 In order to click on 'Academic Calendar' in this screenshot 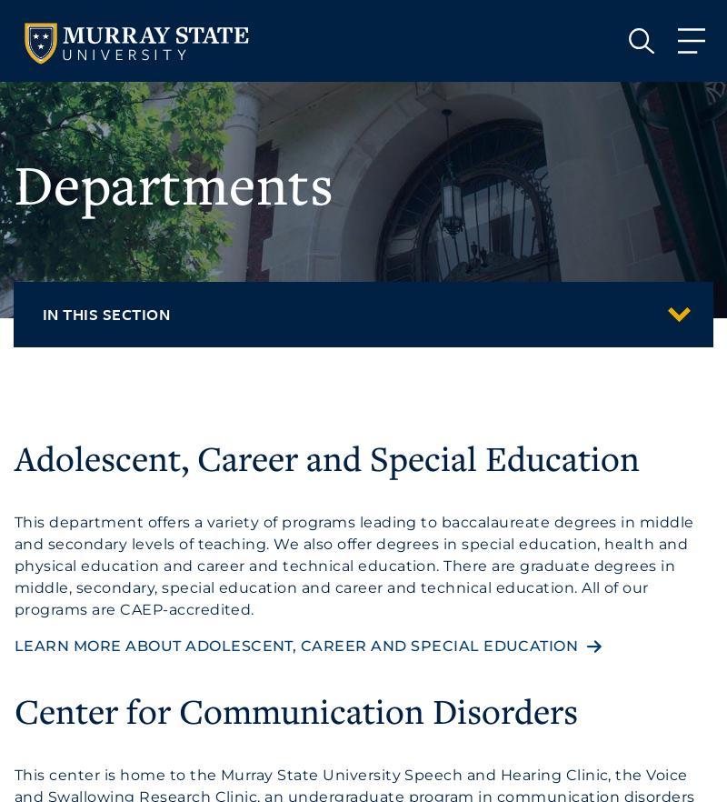, I will do `click(95, 443)`.